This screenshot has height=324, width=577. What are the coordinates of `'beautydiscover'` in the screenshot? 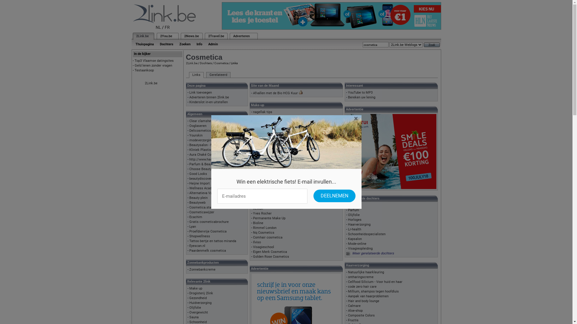 It's located at (200, 178).